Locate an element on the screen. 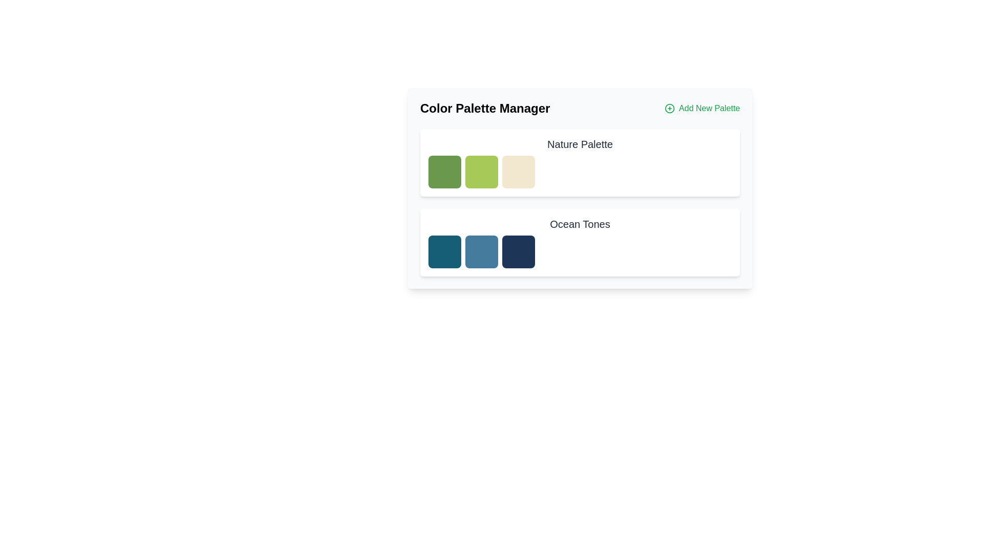 Image resolution: width=984 pixels, height=553 pixels. the SVG circle located in the top-right corner of the interface, which is part of an add functionality icon adjacent to the 'Add New Palette' text is located at coordinates (669, 109).